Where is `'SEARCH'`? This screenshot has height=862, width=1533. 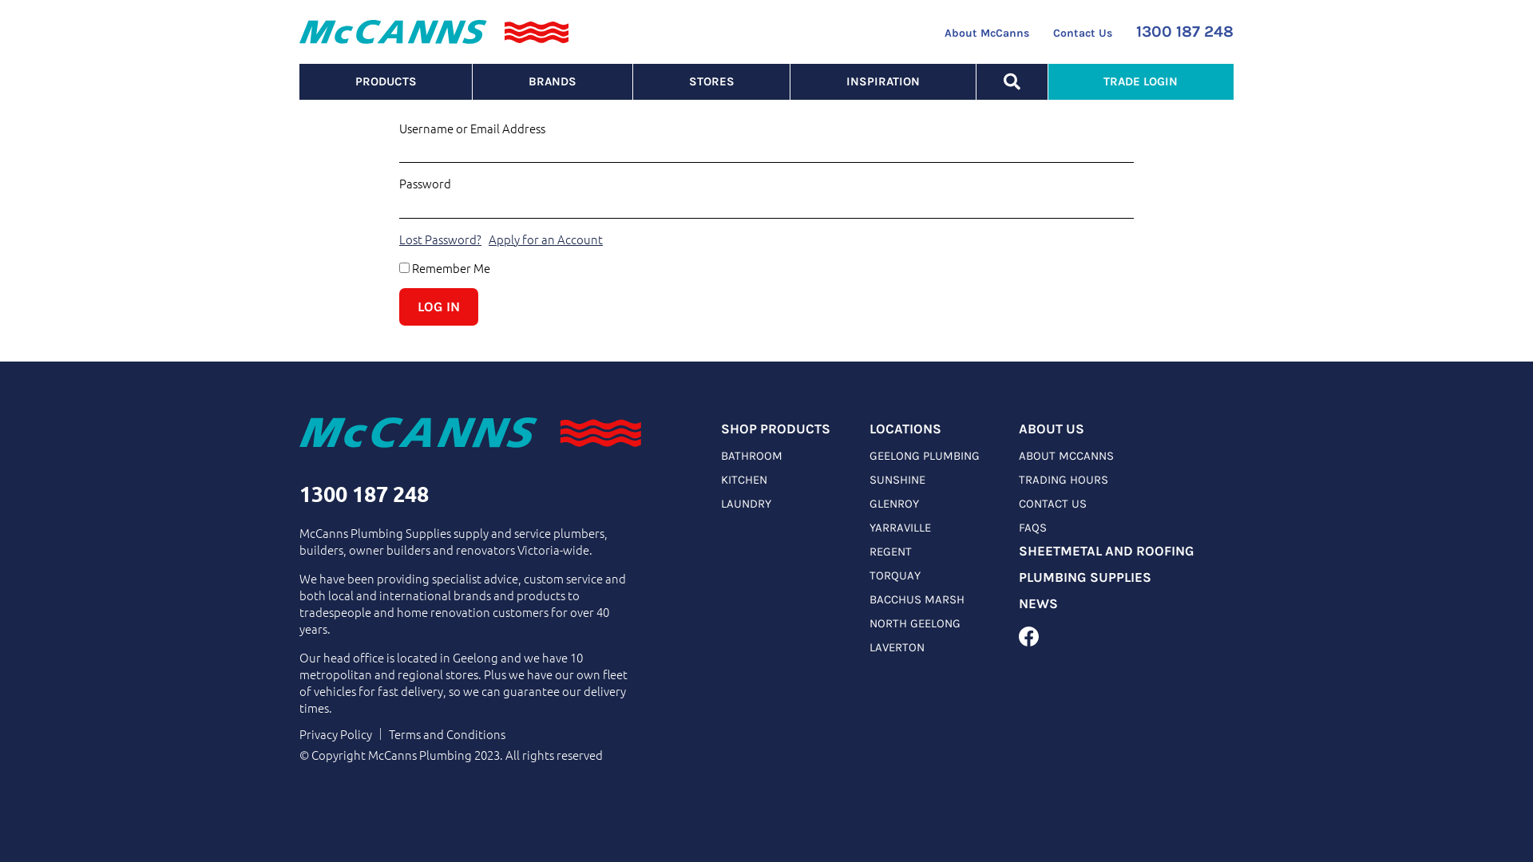
'SEARCH' is located at coordinates (1011, 81).